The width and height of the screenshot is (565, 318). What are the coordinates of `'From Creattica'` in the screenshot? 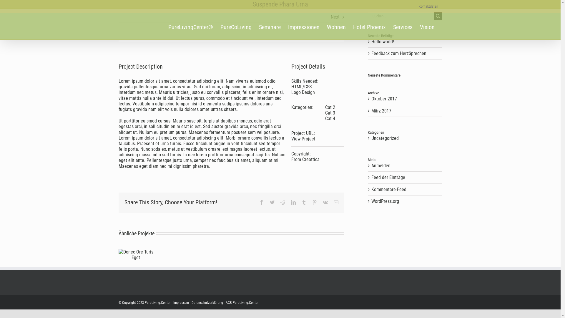 It's located at (305, 159).